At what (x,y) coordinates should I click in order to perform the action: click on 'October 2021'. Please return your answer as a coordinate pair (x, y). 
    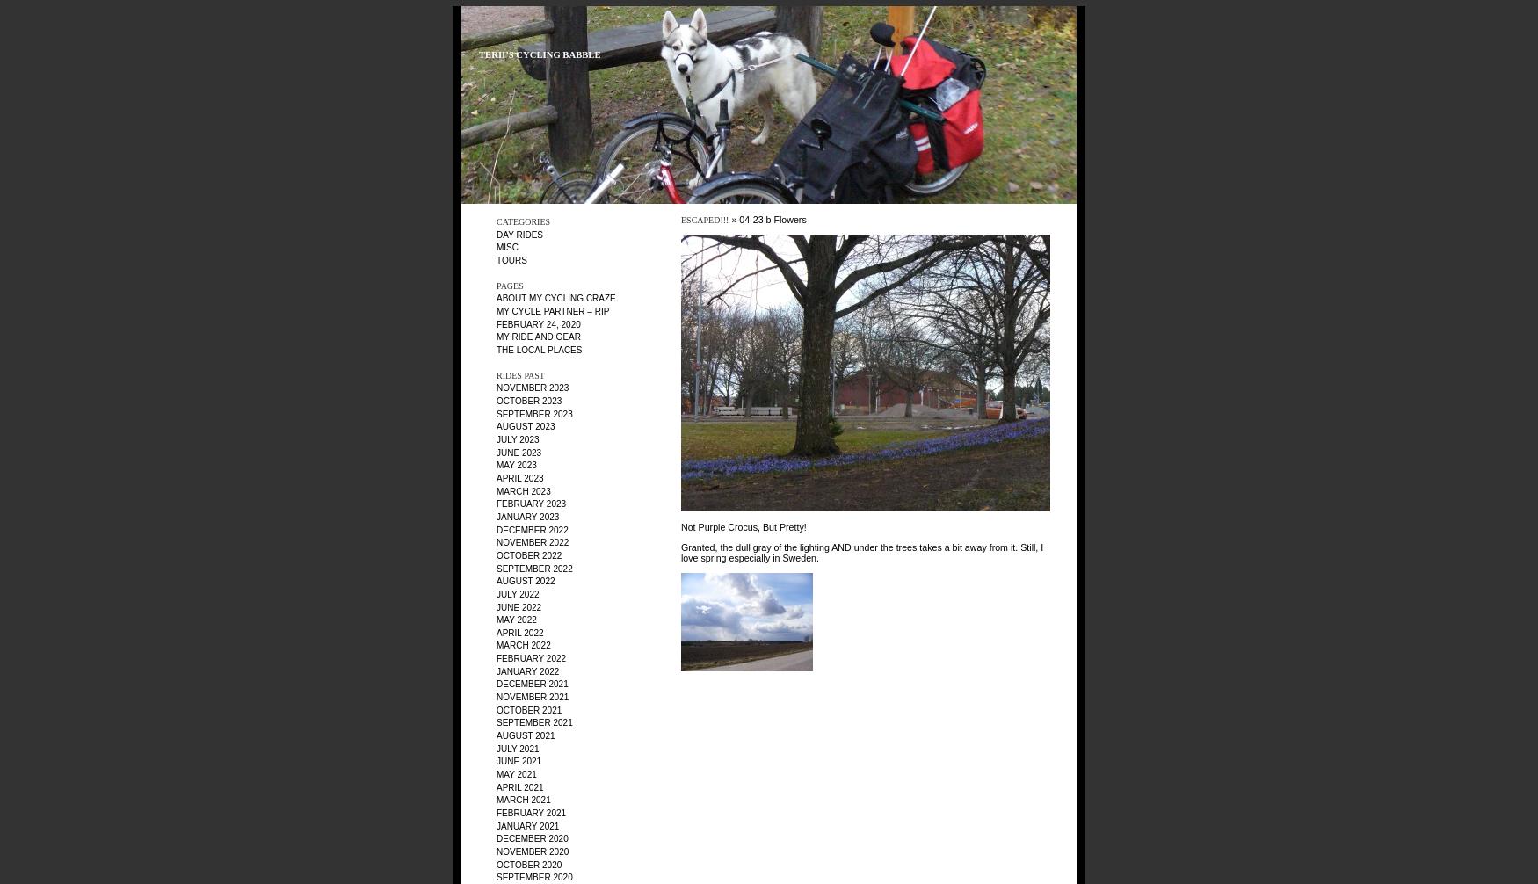
    Looking at the image, I should click on (529, 708).